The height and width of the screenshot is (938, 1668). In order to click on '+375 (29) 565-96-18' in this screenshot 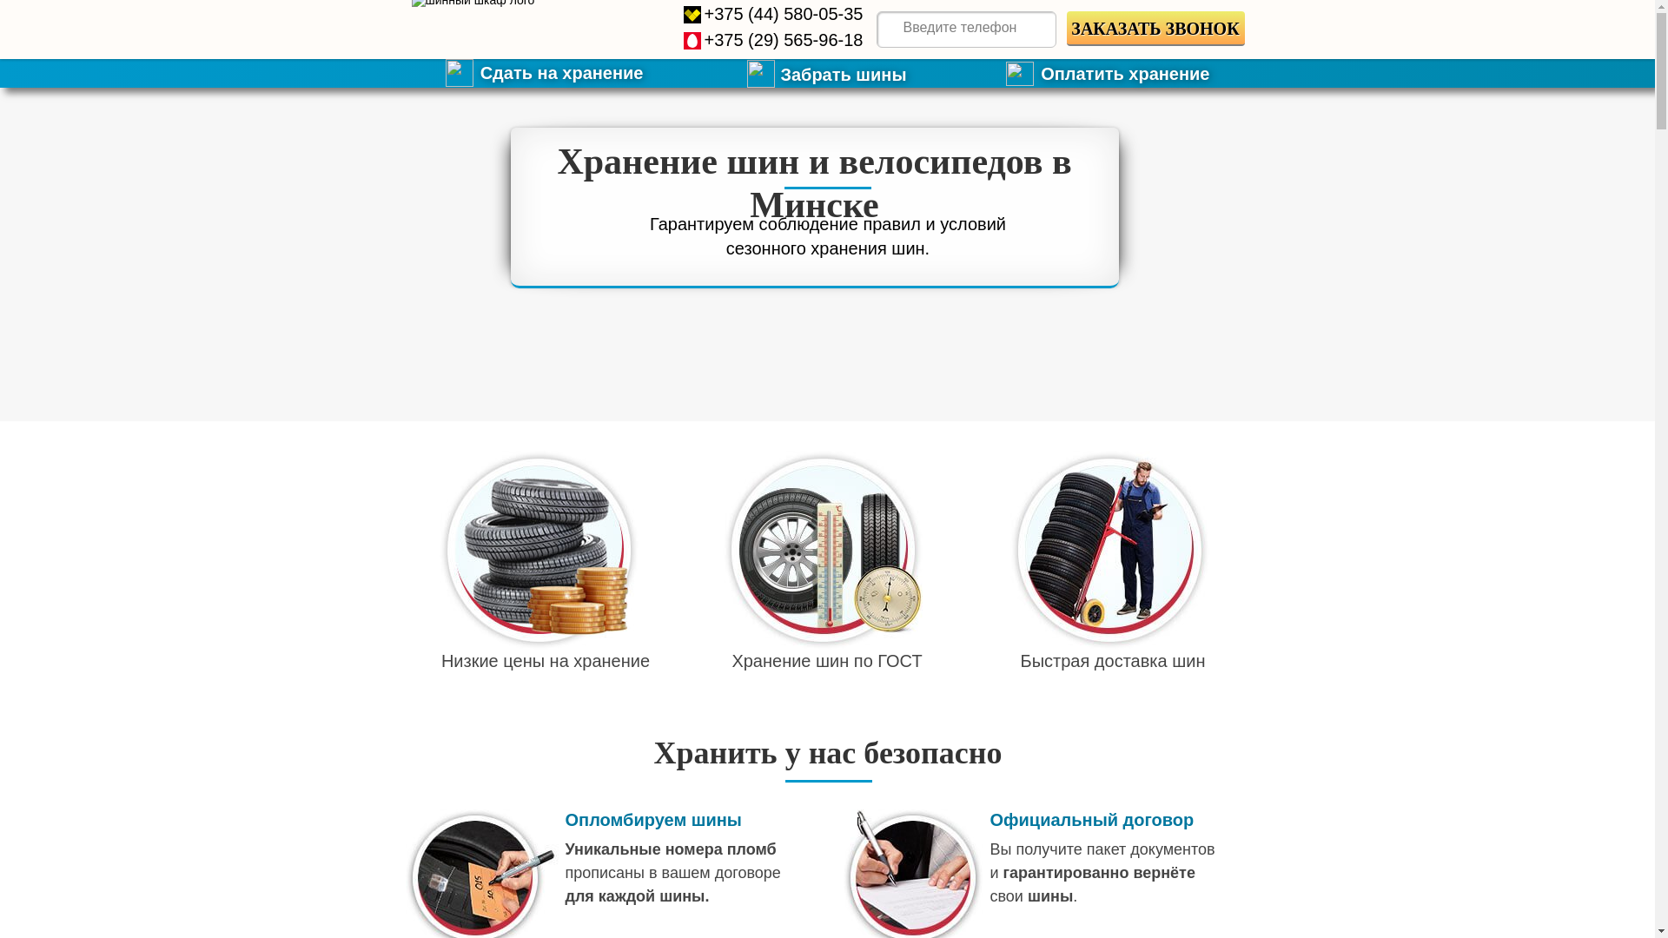, I will do `click(782, 39)`.